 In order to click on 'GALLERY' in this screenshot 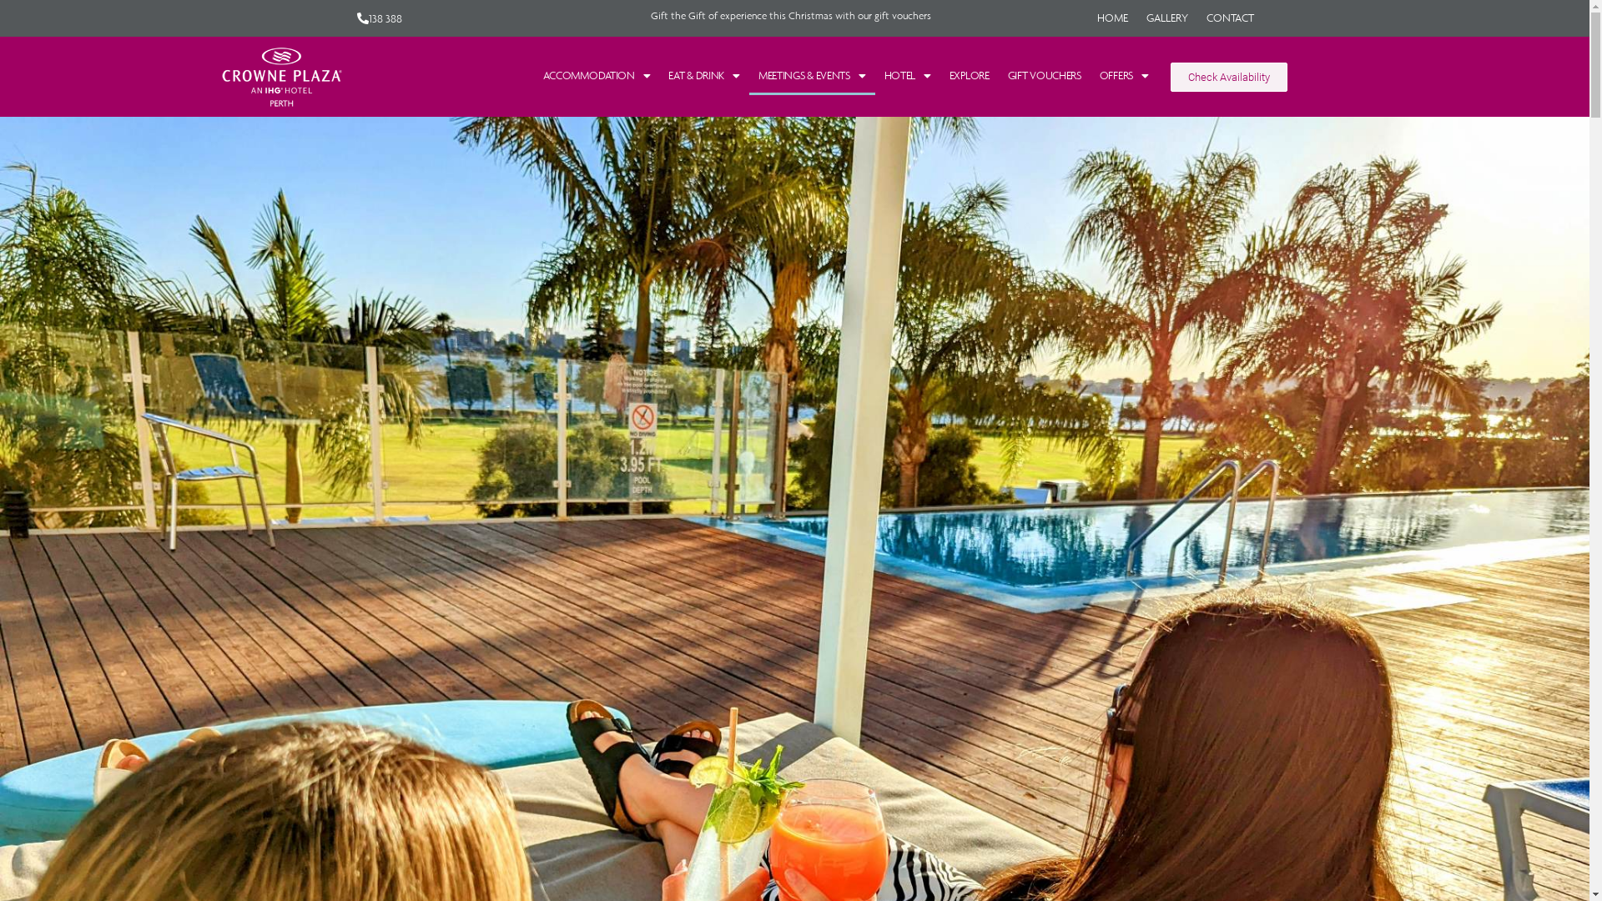, I will do `click(1166, 18)`.